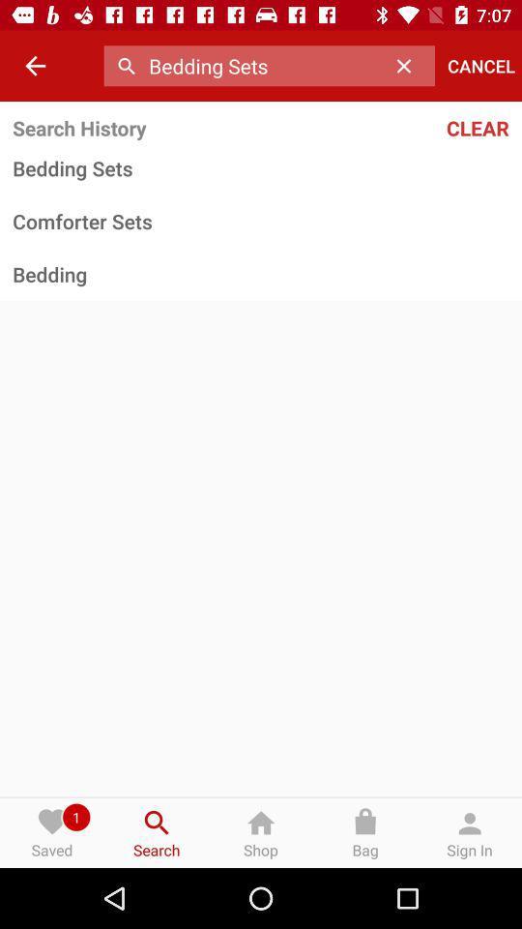 Image resolution: width=522 pixels, height=929 pixels. I want to click on icon below the cancel item, so click(434, 127).